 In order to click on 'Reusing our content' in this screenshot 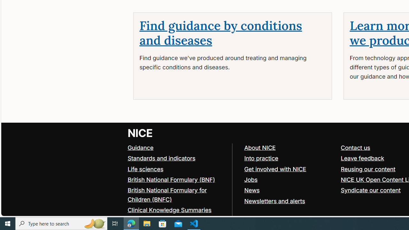, I will do `click(368, 168)`.